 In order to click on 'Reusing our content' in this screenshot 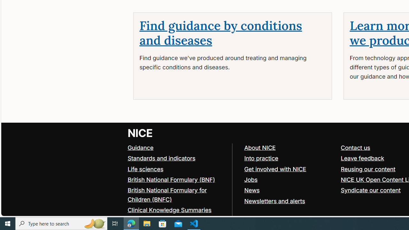, I will do `click(368, 168)`.